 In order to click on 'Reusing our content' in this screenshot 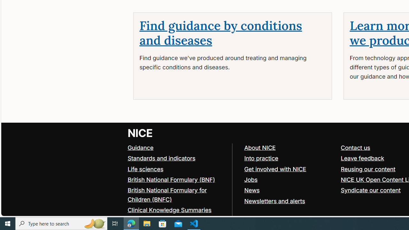, I will do `click(368, 168)`.